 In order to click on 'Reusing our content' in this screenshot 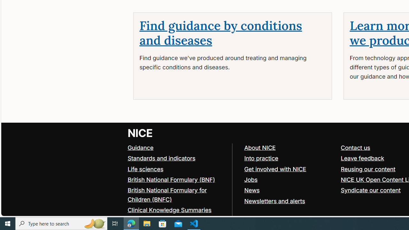, I will do `click(368, 168)`.